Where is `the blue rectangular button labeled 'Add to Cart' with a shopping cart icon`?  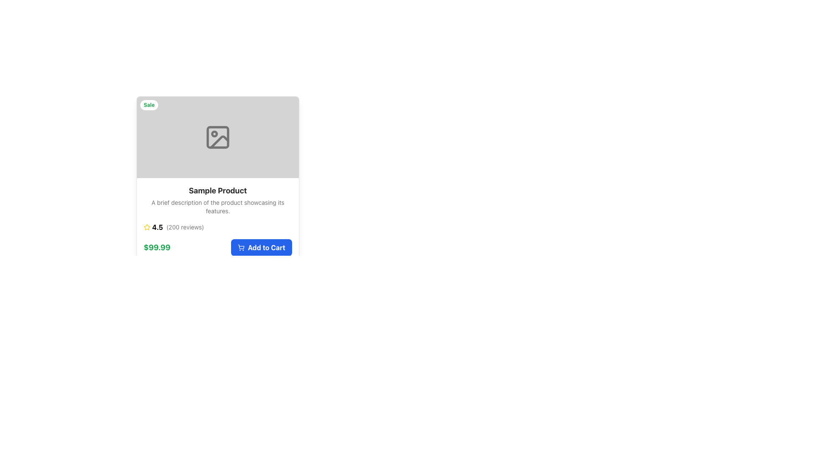
the blue rectangular button labeled 'Add to Cart' with a shopping cart icon is located at coordinates (261, 247).